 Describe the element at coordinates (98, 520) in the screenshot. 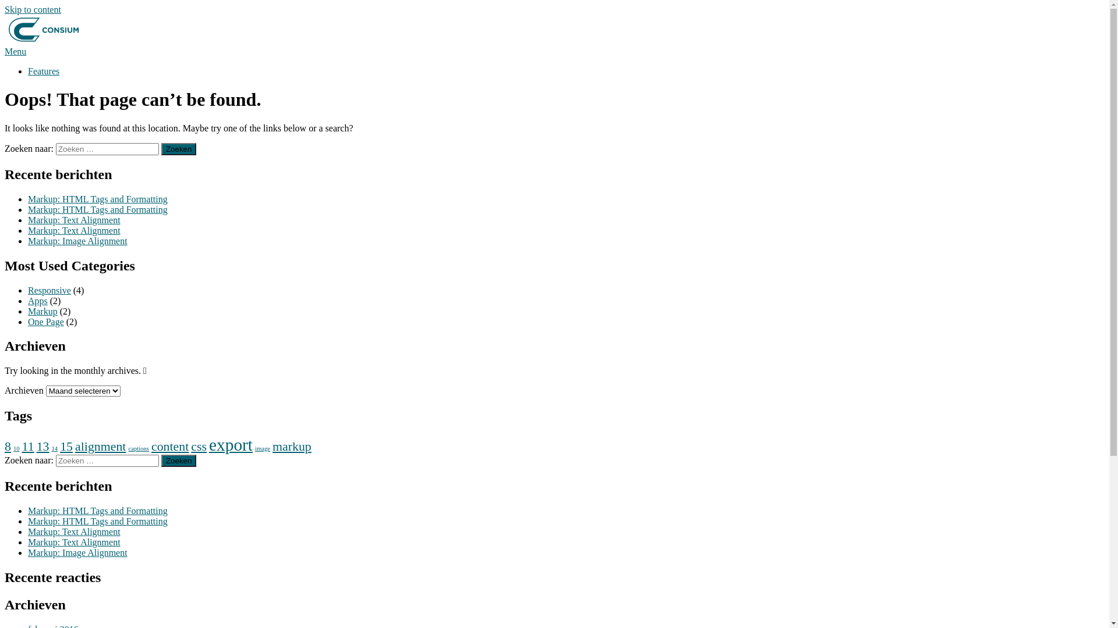

I see `'Markup: HTML Tags and Formatting'` at that location.